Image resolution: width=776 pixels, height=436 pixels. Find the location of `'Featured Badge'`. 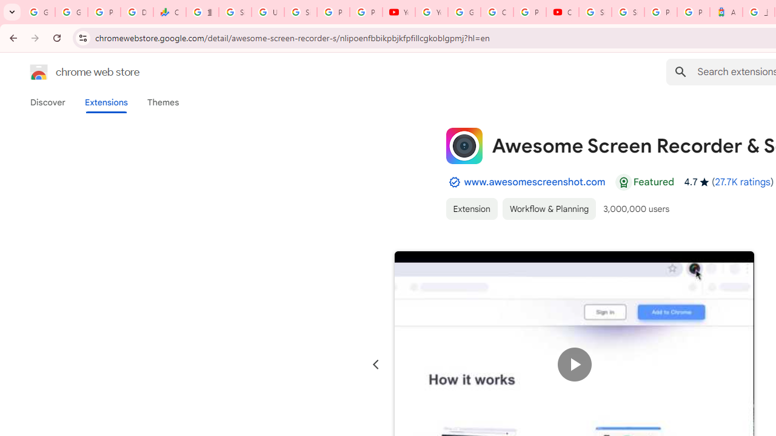

'Featured Badge' is located at coordinates (623, 182).